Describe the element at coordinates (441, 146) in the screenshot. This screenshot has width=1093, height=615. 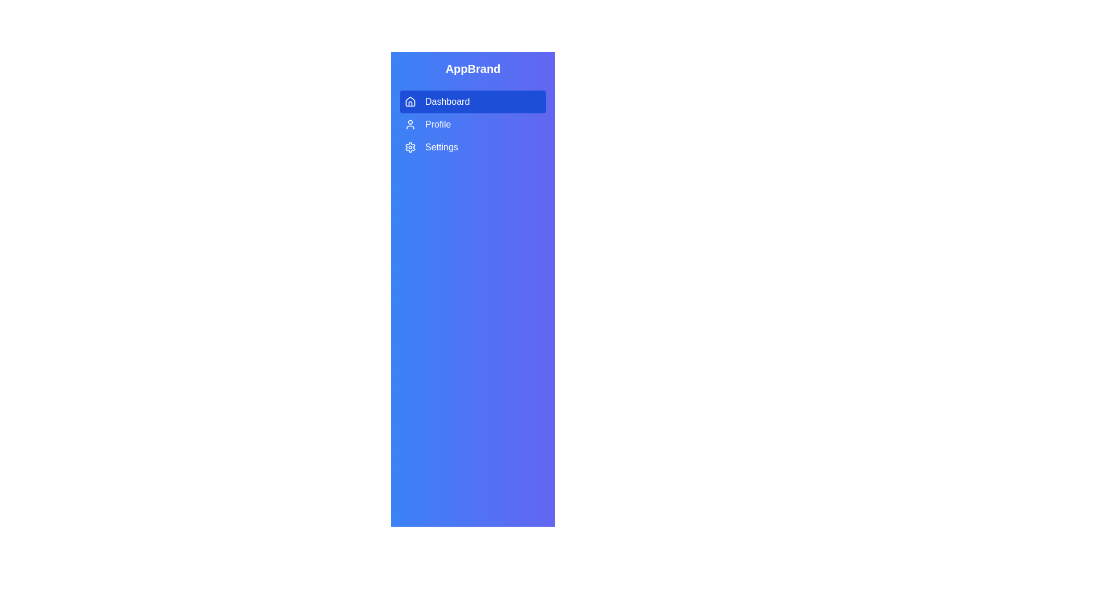
I see `text label that identifies the settings or configuration section, located in the third row of the sidebar navigation menu, to the right of the gear icon` at that location.